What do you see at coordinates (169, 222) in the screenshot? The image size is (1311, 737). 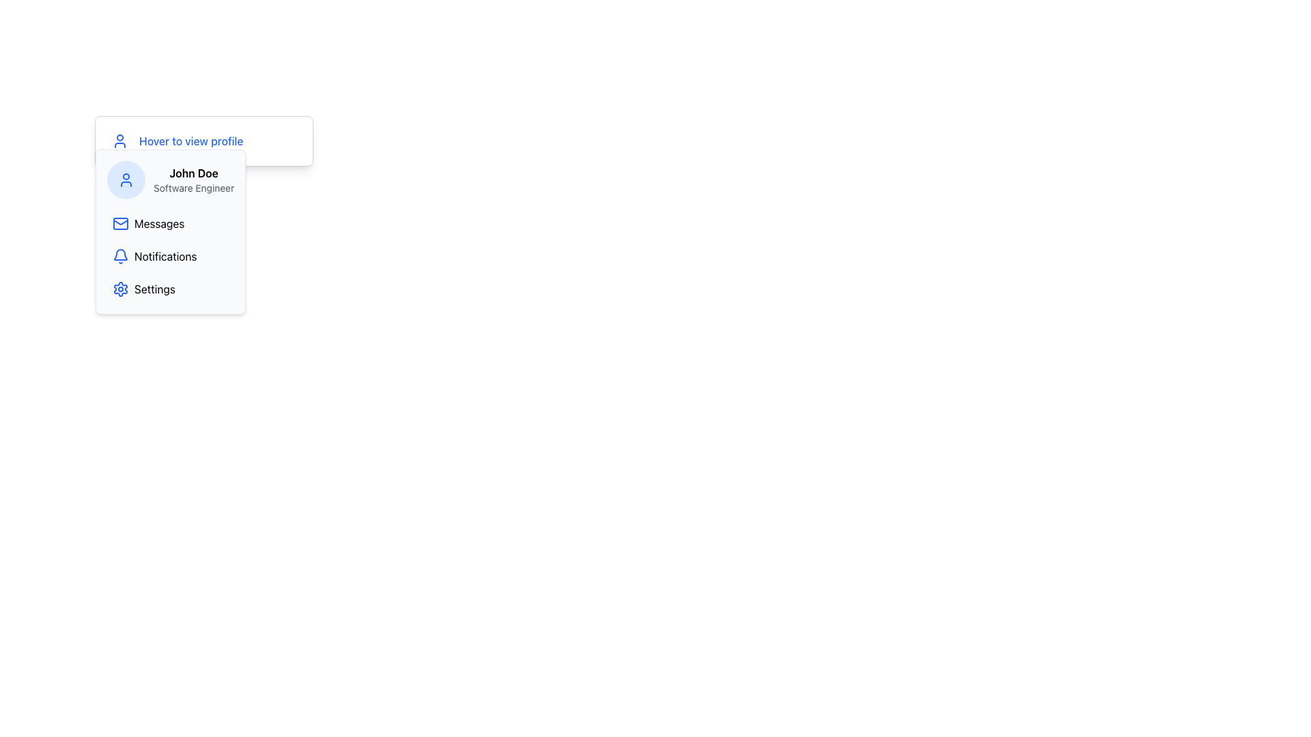 I see `the navigational button` at bounding box center [169, 222].